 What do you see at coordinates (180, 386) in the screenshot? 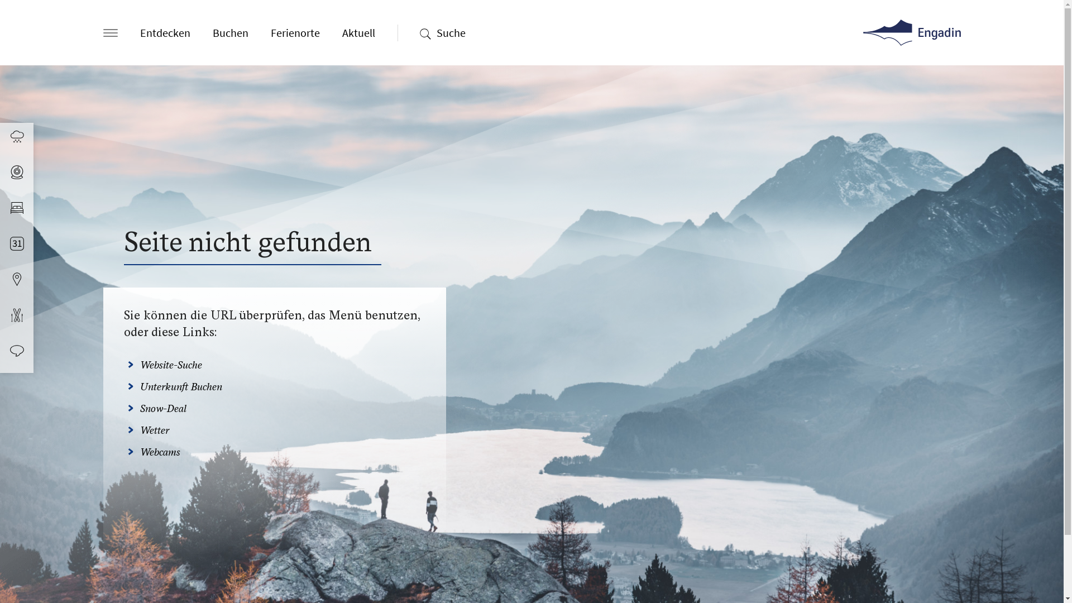
I see `'Unterkunft Buchen'` at bounding box center [180, 386].